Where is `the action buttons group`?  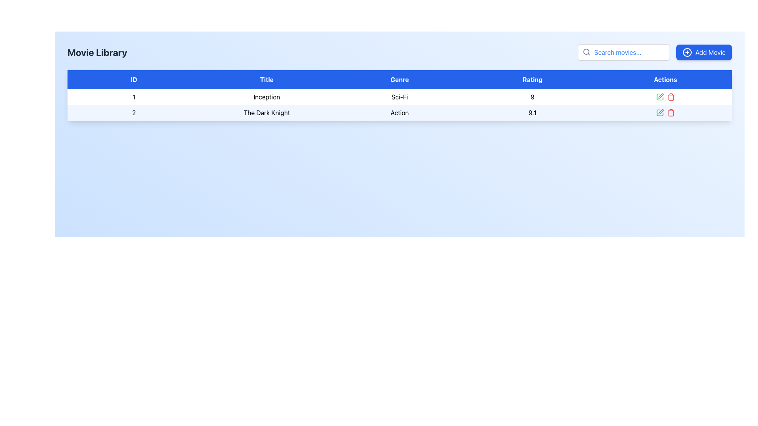 the action buttons group is located at coordinates (664, 97).